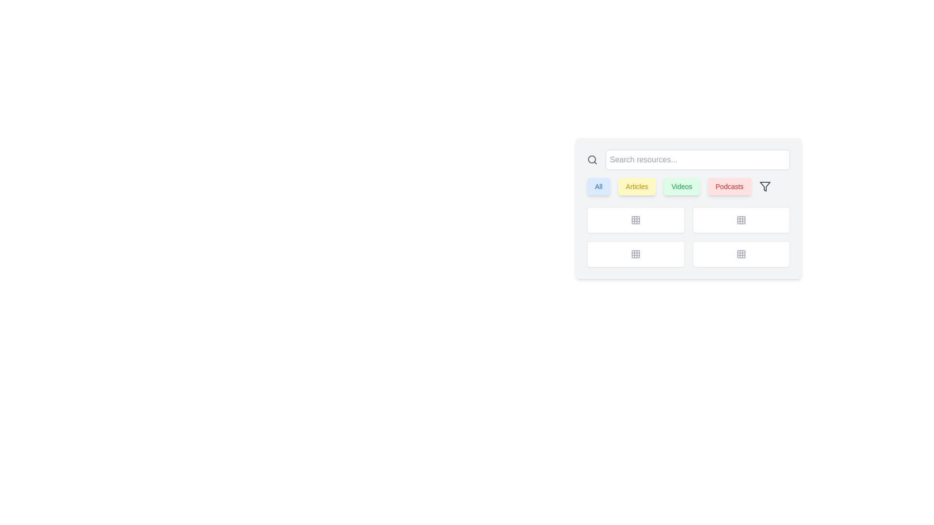 The image size is (934, 525). I want to click on the SVG-based grid icon located in the bottom row's middle card of a 2x3 grid layout, which serves as a visual symbol for a grid or layout option, so click(636, 254).